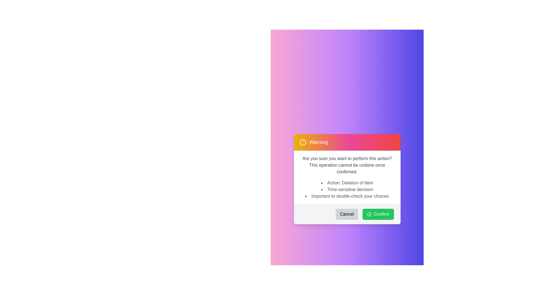  What do you see at coordinates (347, 189) in the screenshot?
I see `the static text label that reads 'Time-sensitive decision', which is the second item in a bulleted list within a confirmation dialog box` at bounding box center [347, 189].